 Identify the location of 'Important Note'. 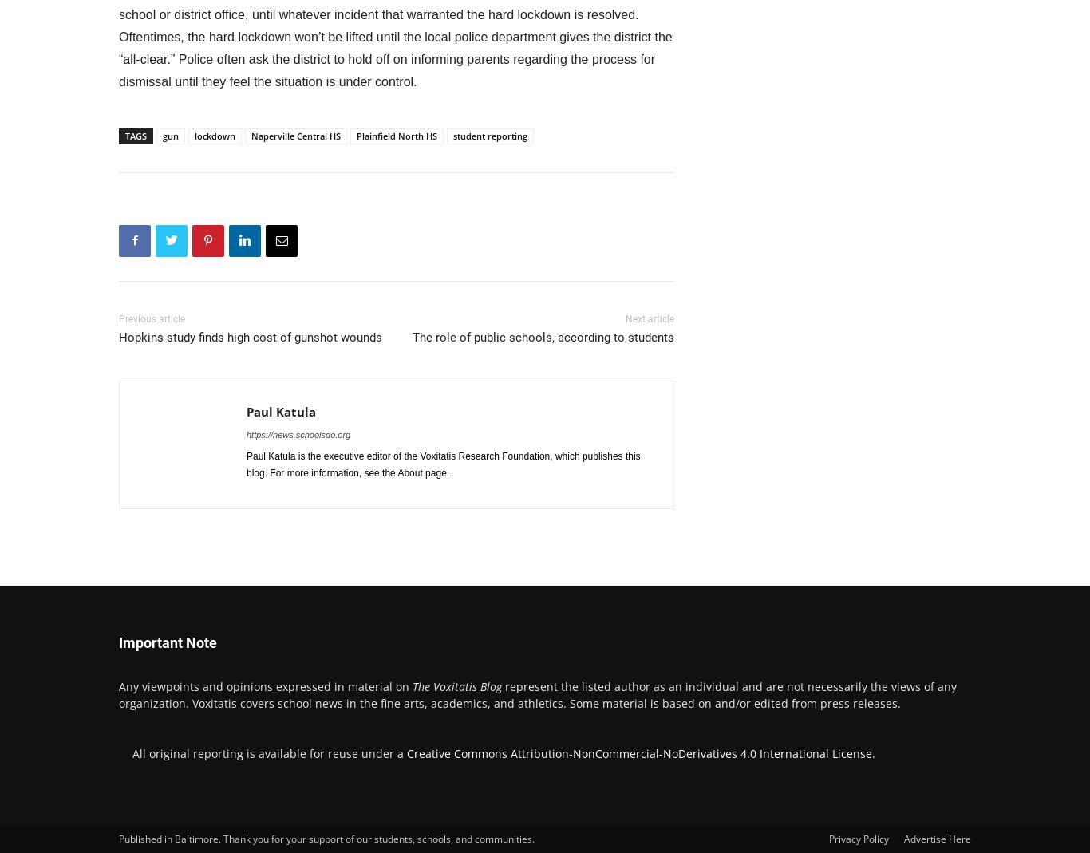
(167, 642).